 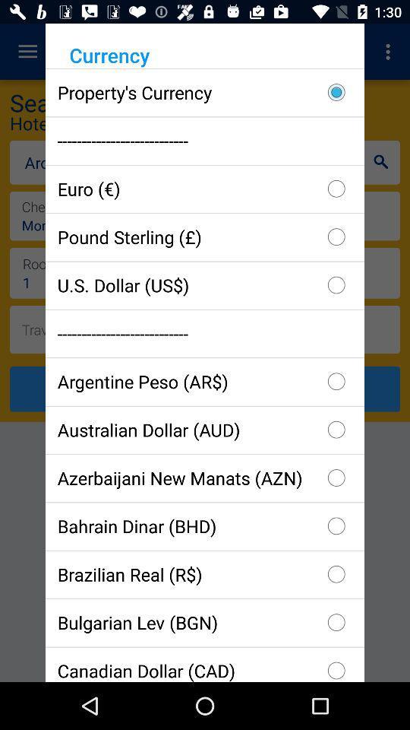 What do you see at coordinates (205, 663) in the screenshot?
I see `canadian dollar (cad)` at bounding box center [205, 663].